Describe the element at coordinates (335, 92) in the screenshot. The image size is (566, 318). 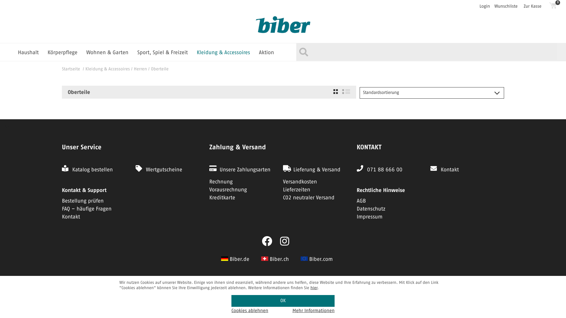
I see `'grid'` at that location.